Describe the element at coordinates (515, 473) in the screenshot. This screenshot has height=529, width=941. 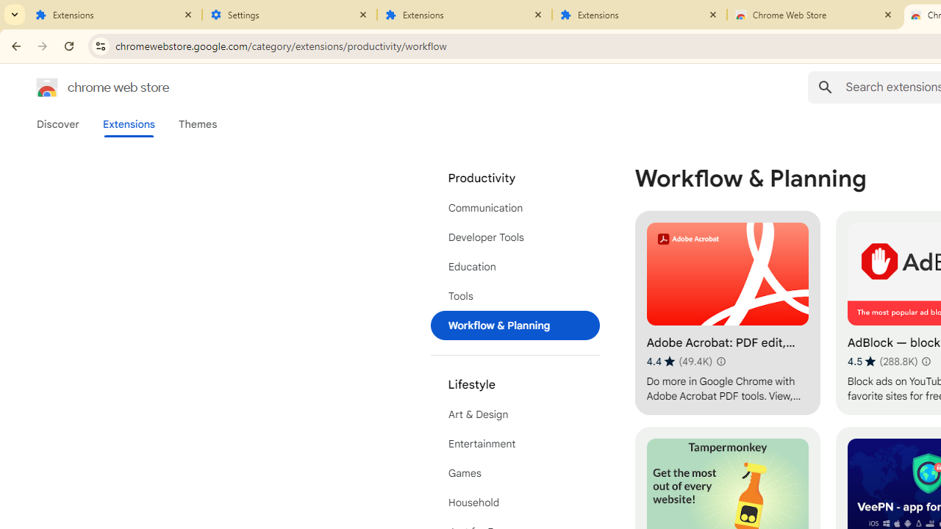
I see `'Games'` at that location.